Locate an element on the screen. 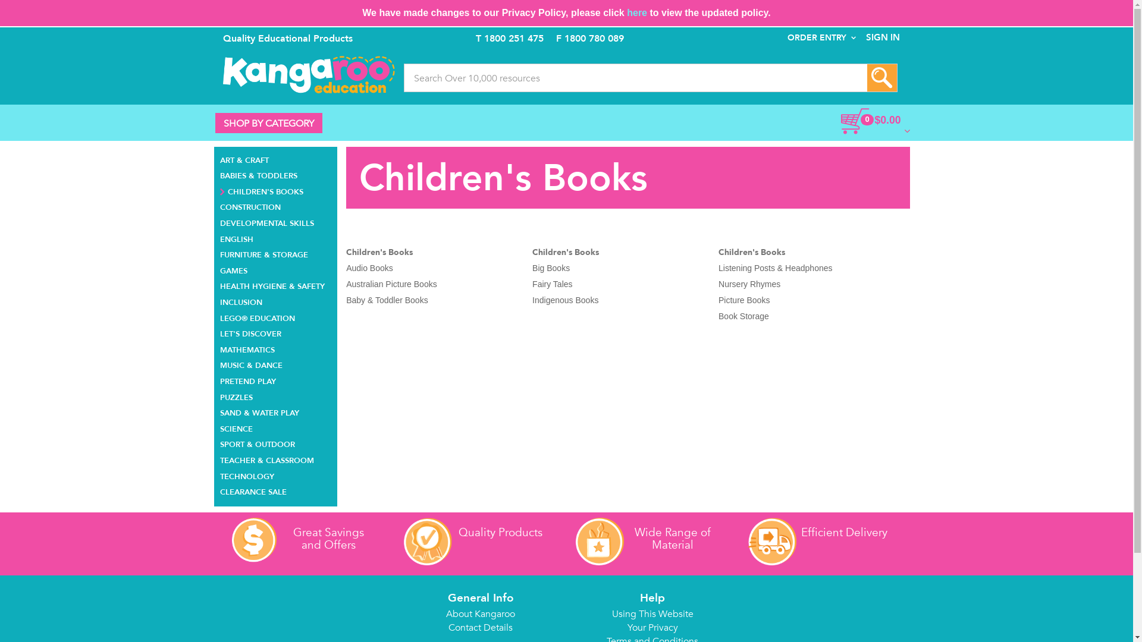 The image size is (1142, 642). 'SPORT & OUTDOOR' is located at coordinates (219, 443).